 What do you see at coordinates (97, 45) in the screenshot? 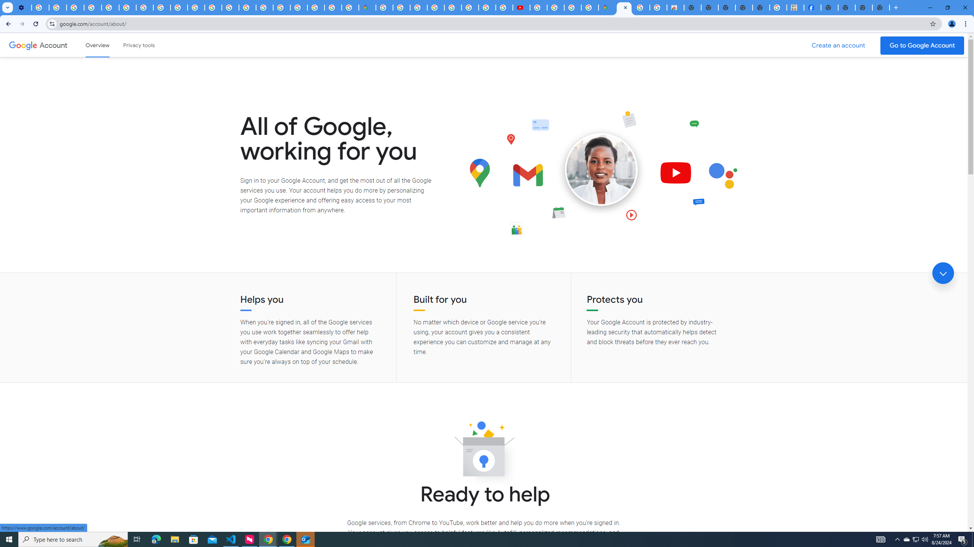
I see `'Google Account overview'` at bounding box center [97, 45].